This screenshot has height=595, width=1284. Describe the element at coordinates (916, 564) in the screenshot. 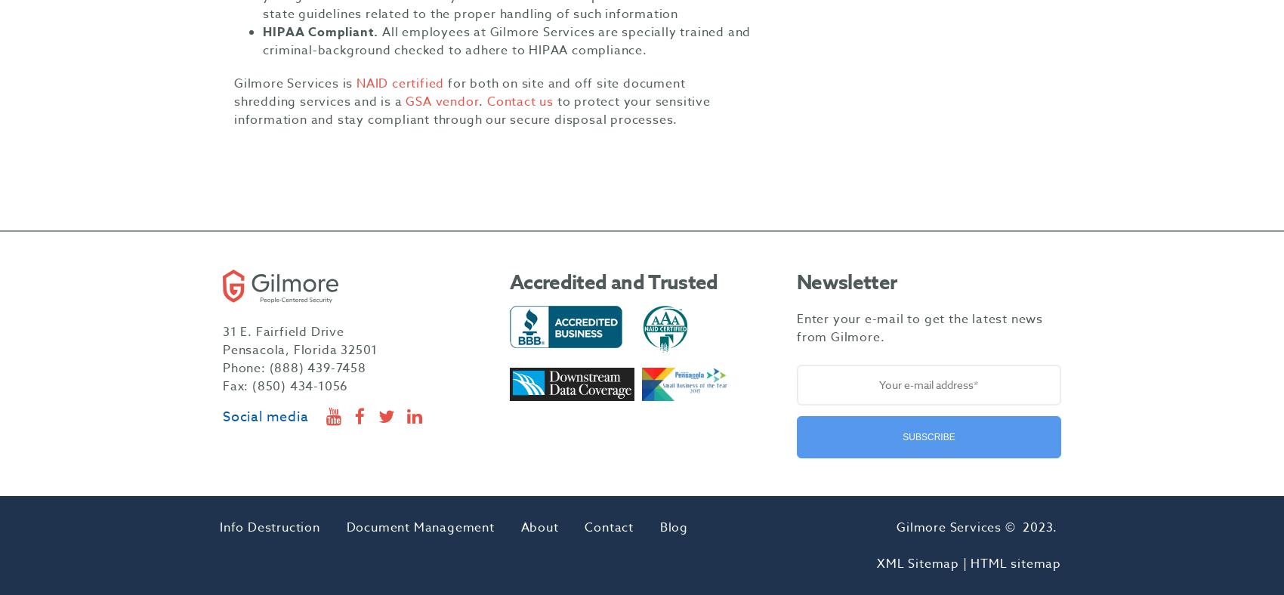

I see `'XML Sitemap'` at that location.